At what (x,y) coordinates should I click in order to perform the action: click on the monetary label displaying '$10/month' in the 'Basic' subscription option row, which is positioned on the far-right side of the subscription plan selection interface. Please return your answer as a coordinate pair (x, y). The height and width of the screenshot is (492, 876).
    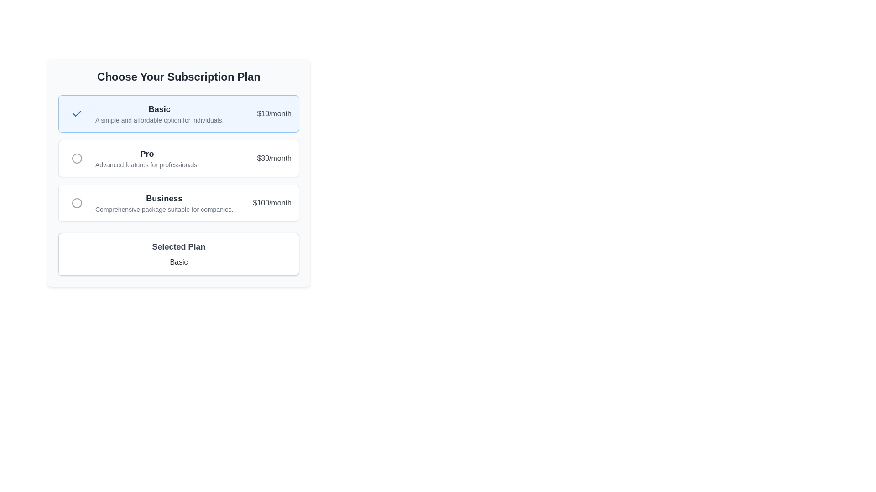
    Looking at the image, I should click on (274, 113).